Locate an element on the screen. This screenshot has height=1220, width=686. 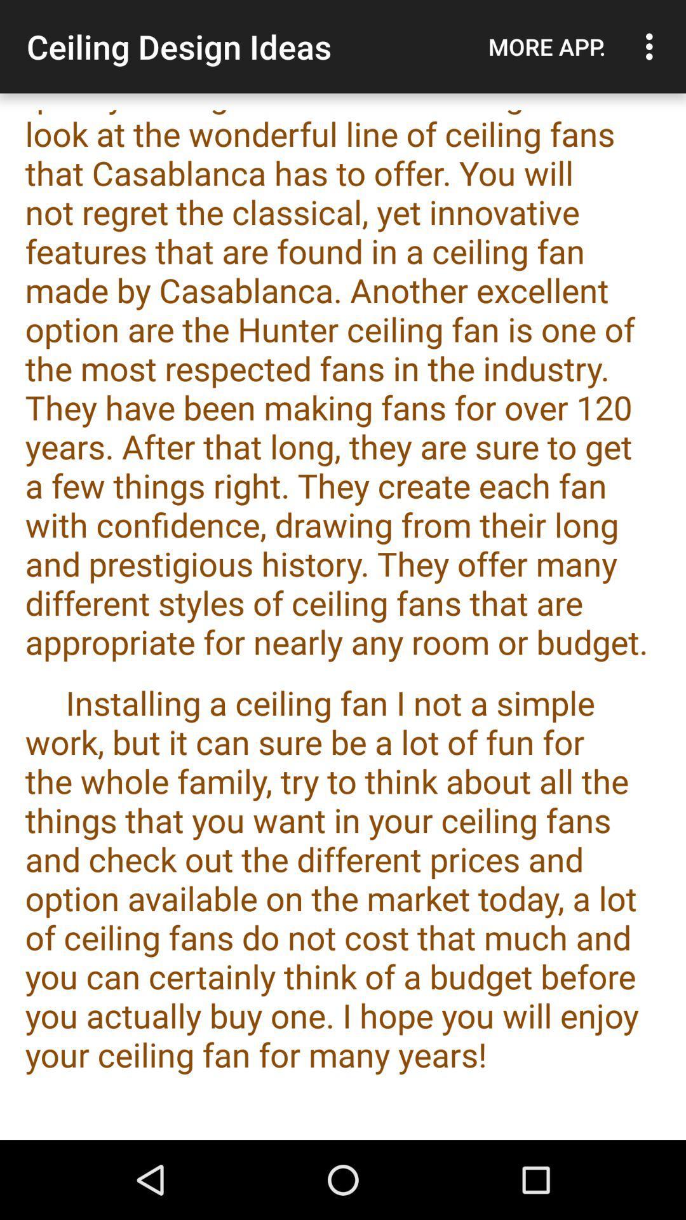
the more app. item is located at coordinates (546, 46).